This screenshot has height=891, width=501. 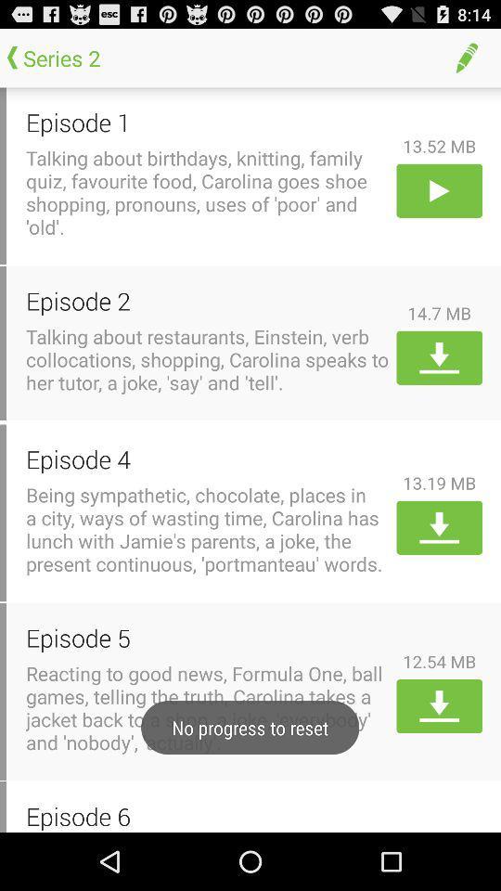 What do you see at coordinates (207, 121) in the screenshot?
I see `episode 1 app` at bounding box center [207, 121].